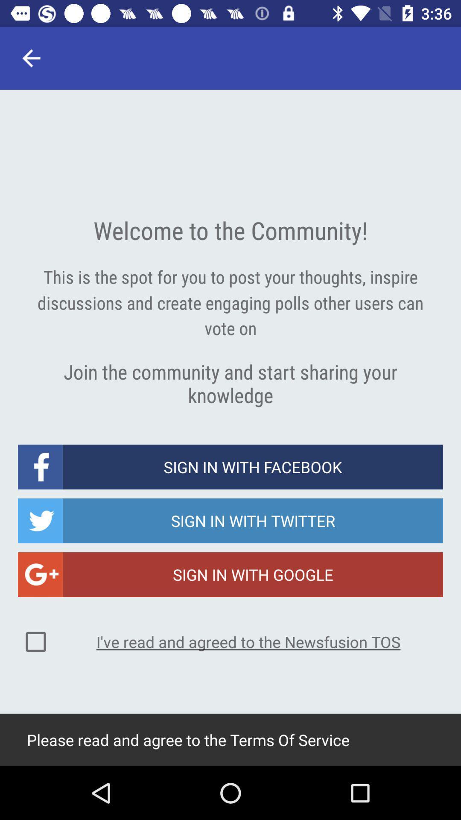  I want to click on item next to i ve read, so click(35, 641).